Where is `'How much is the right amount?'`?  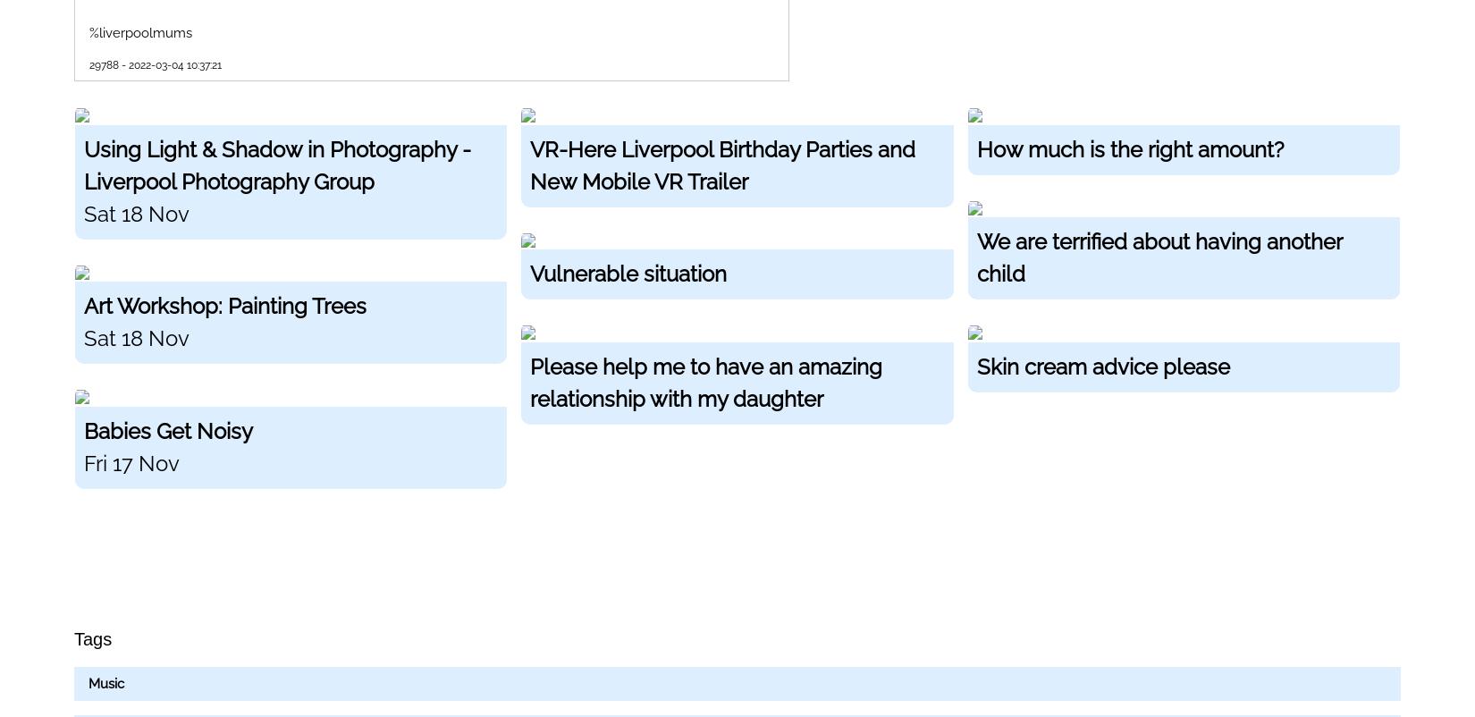 'How much is the right amount?' is located at coordinates (975, 148).